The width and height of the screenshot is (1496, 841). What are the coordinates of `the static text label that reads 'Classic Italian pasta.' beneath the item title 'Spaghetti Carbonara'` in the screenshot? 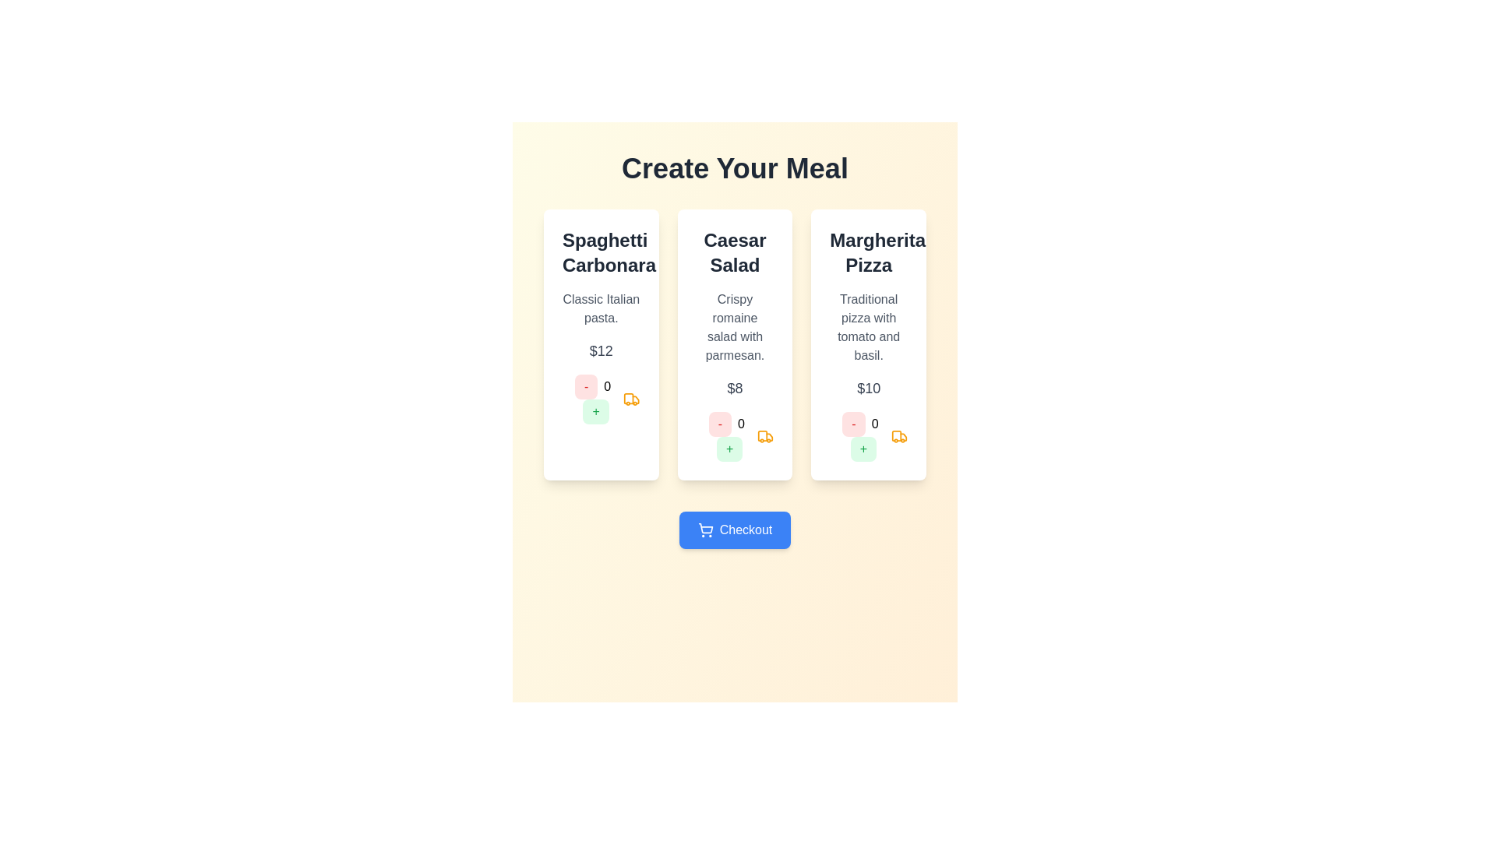 It's located at (600, 309).